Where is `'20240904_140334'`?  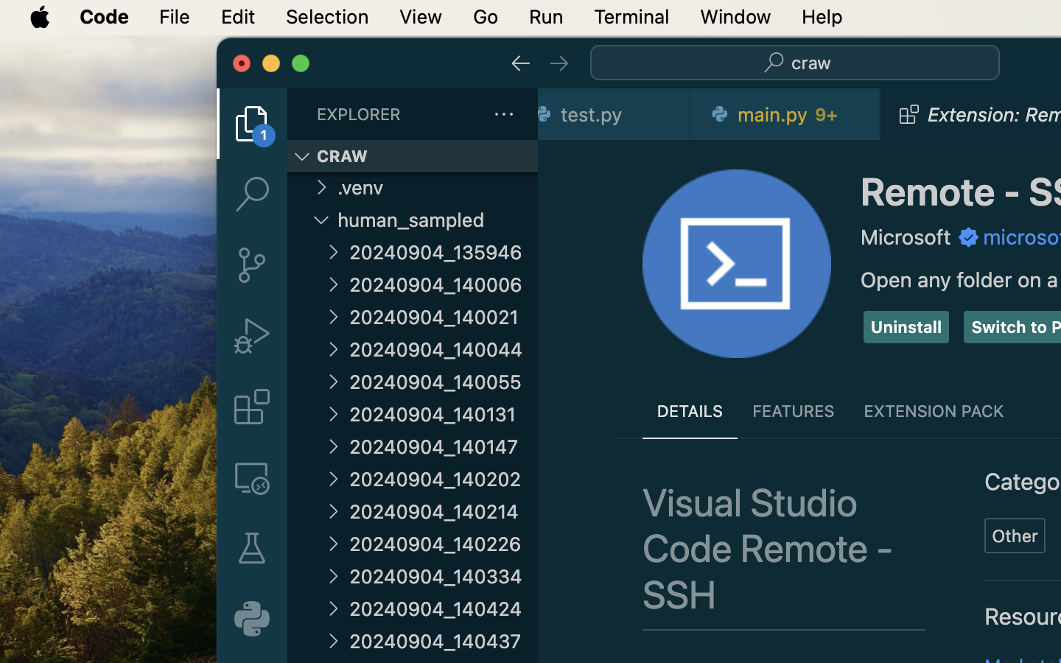 '20240904_140334' is located at coordinates (443, 575).